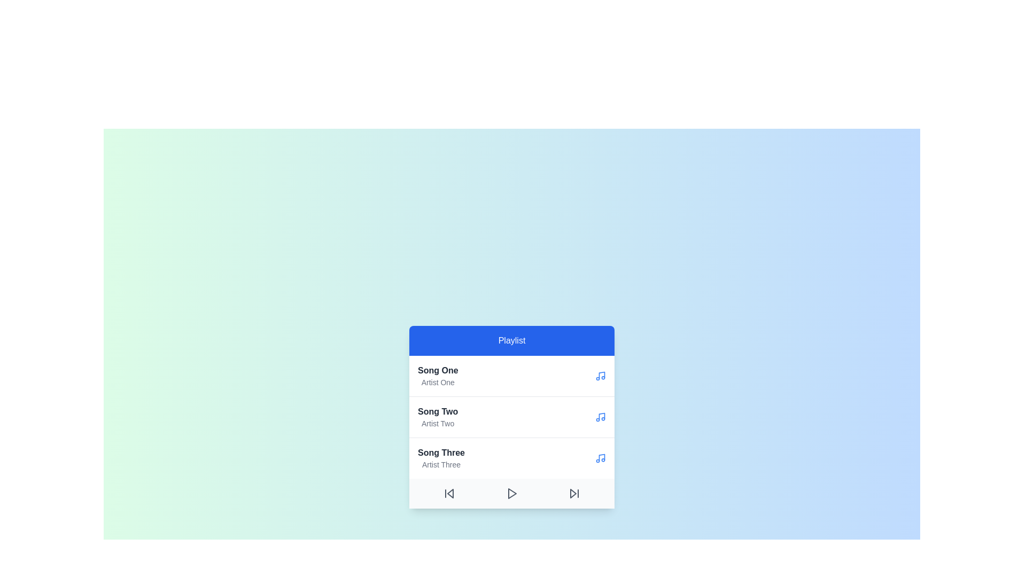 Image resolution: width=1026 pixels, height=577 pixels. I want to click on the song item corresponding to Song Three, so click(441, 457).